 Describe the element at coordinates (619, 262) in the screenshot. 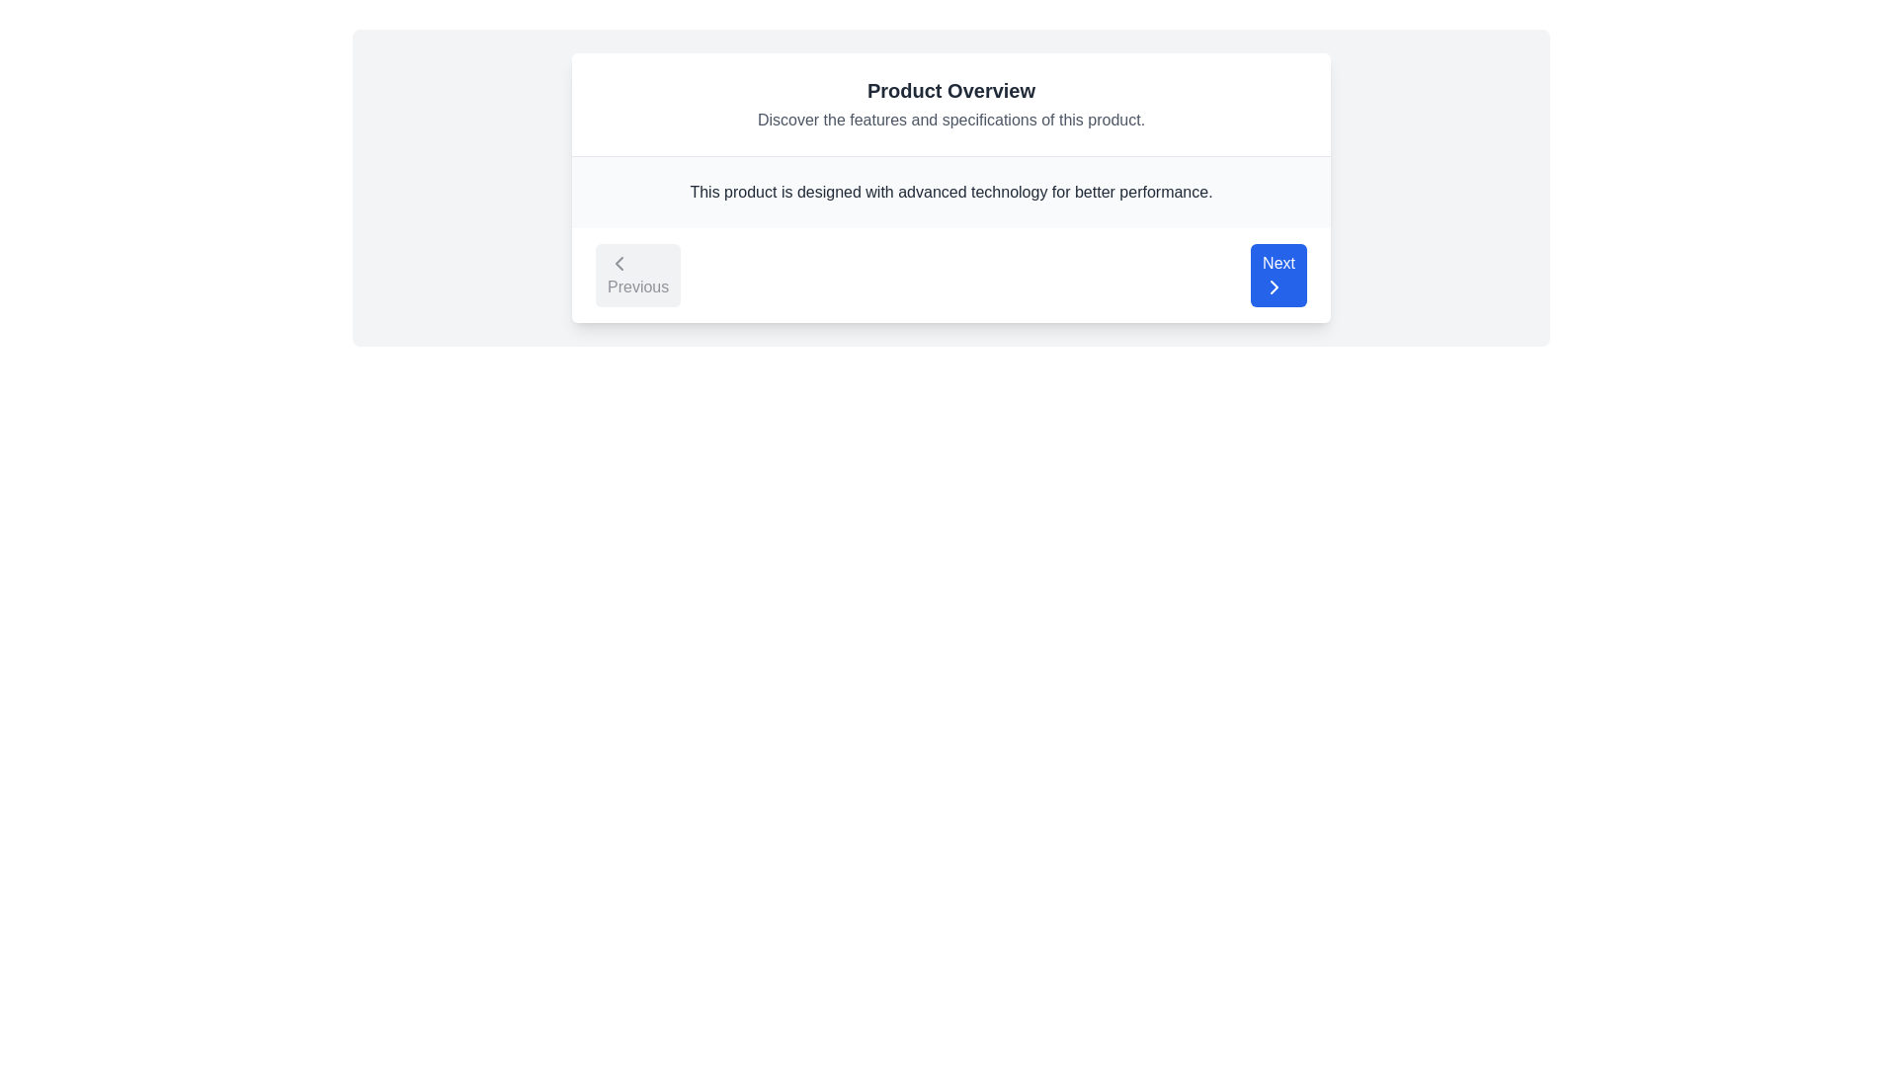

I see `the leftward-pointing chevron icon within the 'Previous' navigation button` at that location.